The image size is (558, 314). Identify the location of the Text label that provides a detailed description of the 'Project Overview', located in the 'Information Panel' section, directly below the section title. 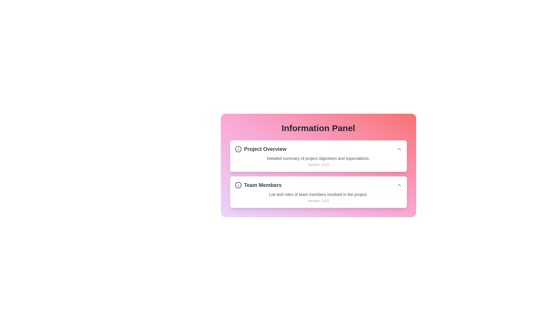
(318, 158).